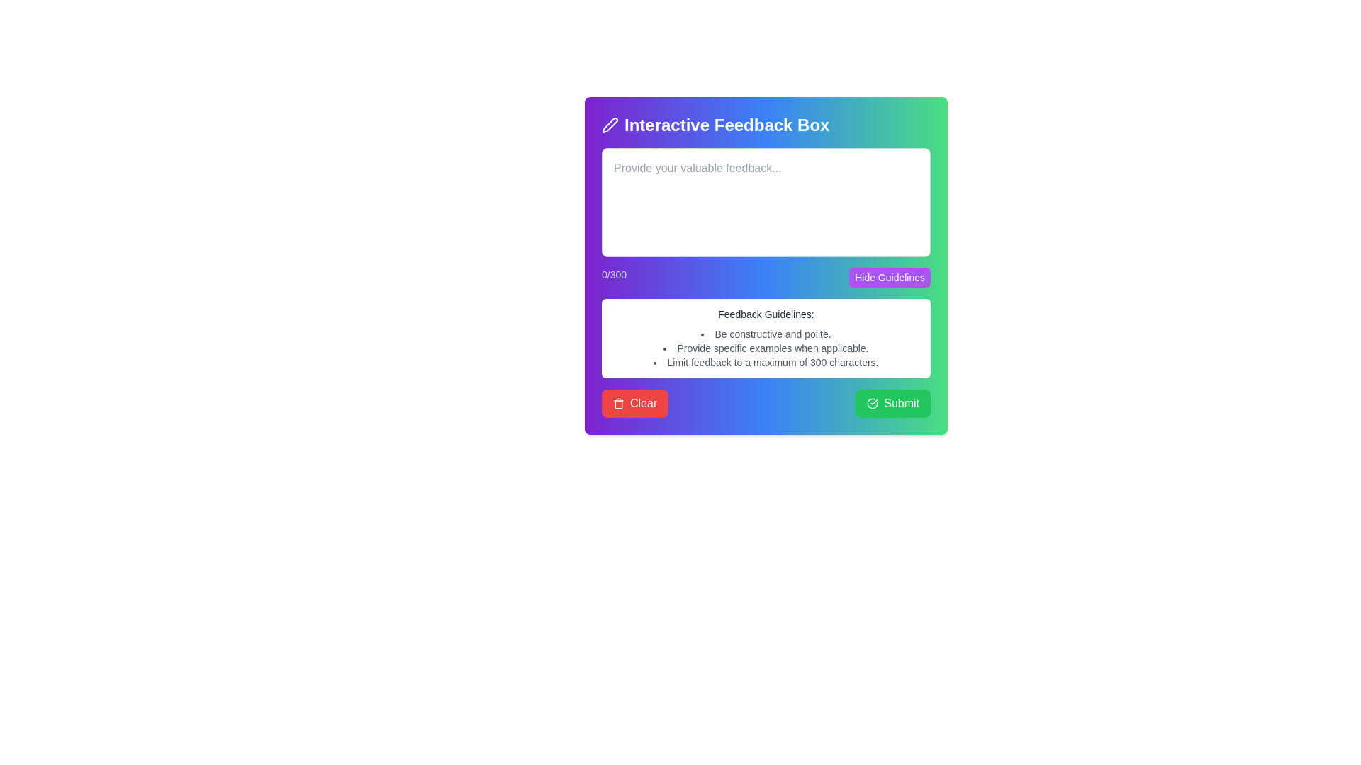 The height and width of the screenshot is (765, 1361). Describe the element at coordinates (765, 348) in the screenshot. I see `non-interactive, textual list of feedback guidelines displayed under the title 'Feedback Guidelines:' positioned centrally in the interface` at that location.